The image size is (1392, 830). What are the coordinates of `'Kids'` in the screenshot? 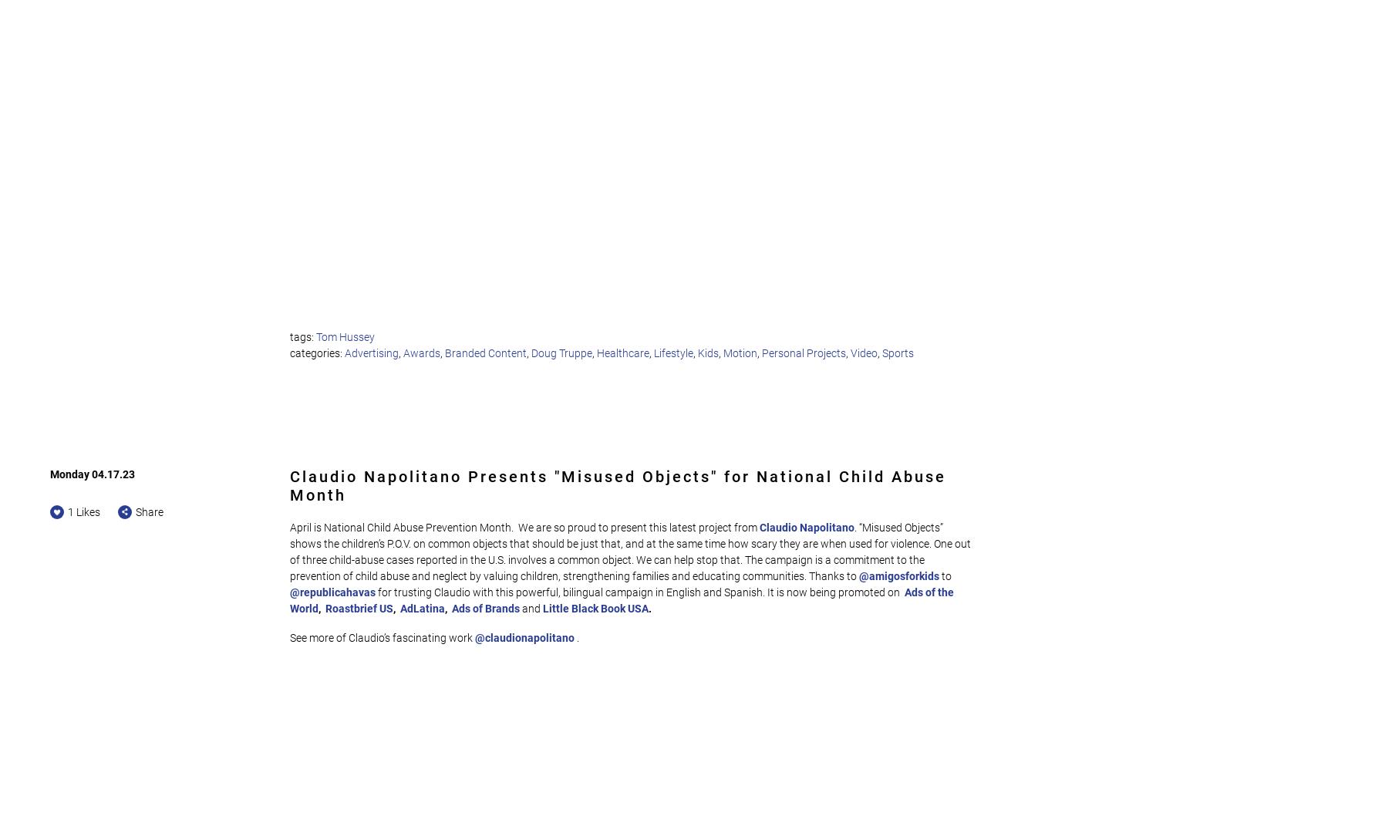 It's located at (708, 351).